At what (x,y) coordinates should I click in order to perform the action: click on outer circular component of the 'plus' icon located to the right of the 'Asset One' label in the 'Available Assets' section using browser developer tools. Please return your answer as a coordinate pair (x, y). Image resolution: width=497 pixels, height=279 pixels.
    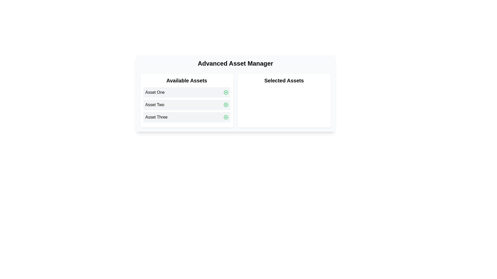
    Looking at the image, I should click on (226, 92).